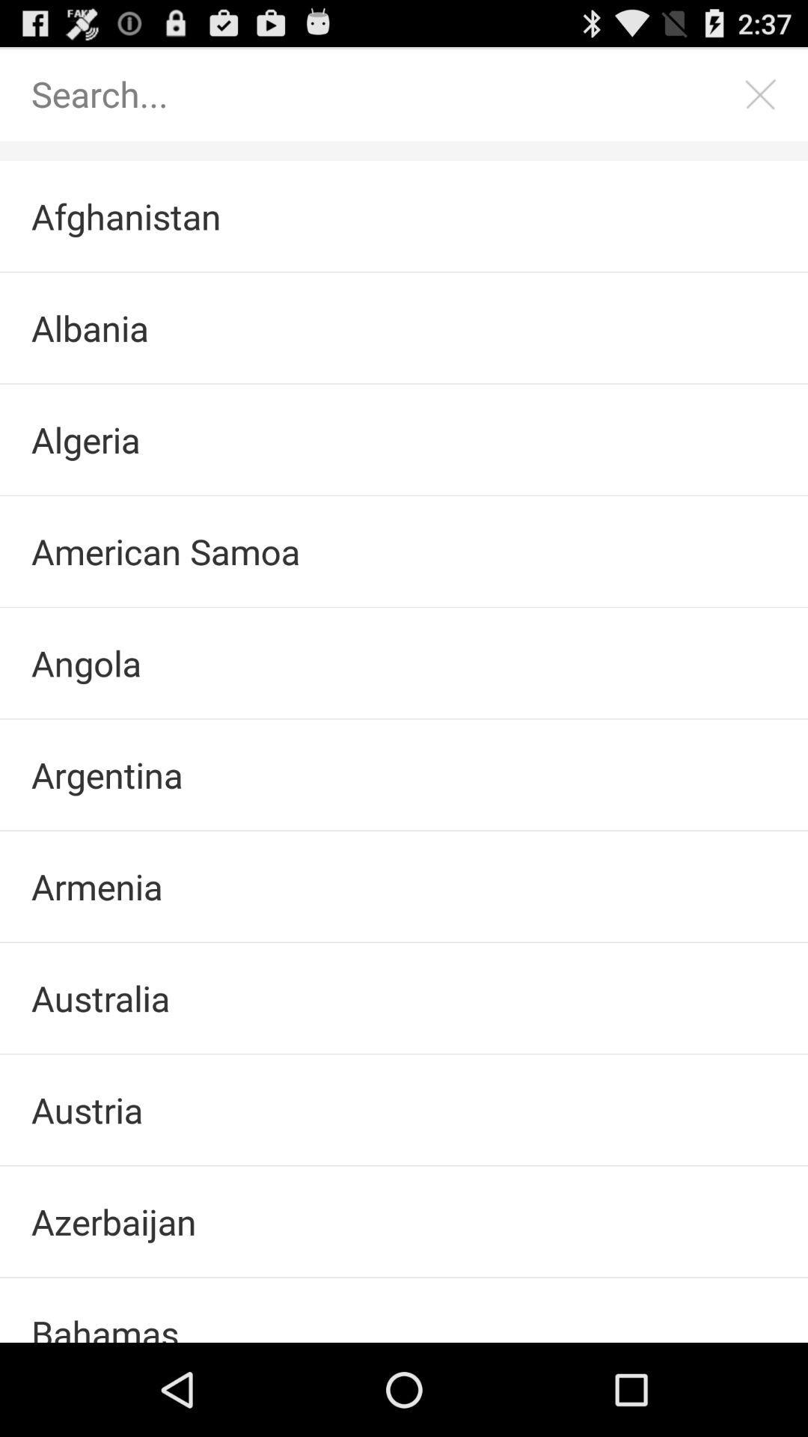 The width and height of the screenshot is (808, 1437). Describe the element at coordinates (388, 93) in the screenshot. I see `country` at that location.